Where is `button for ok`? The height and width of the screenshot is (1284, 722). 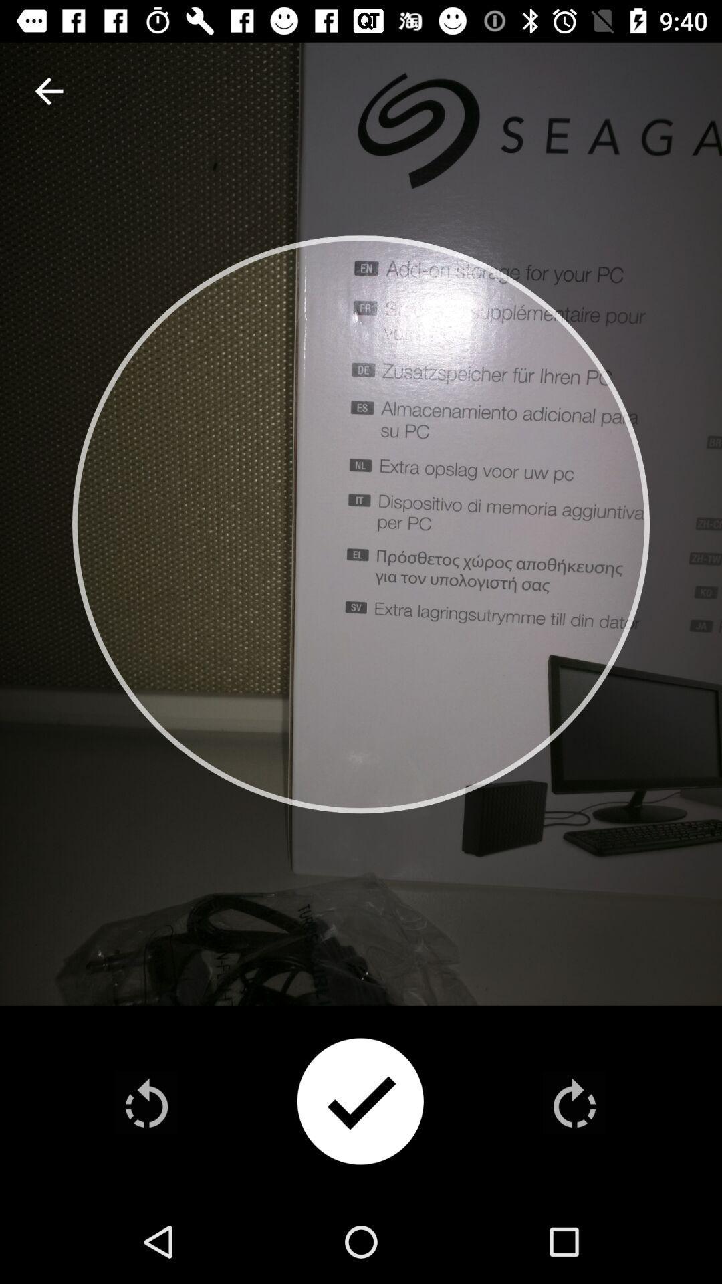 button for ok is located at coordinates (360, 1103).